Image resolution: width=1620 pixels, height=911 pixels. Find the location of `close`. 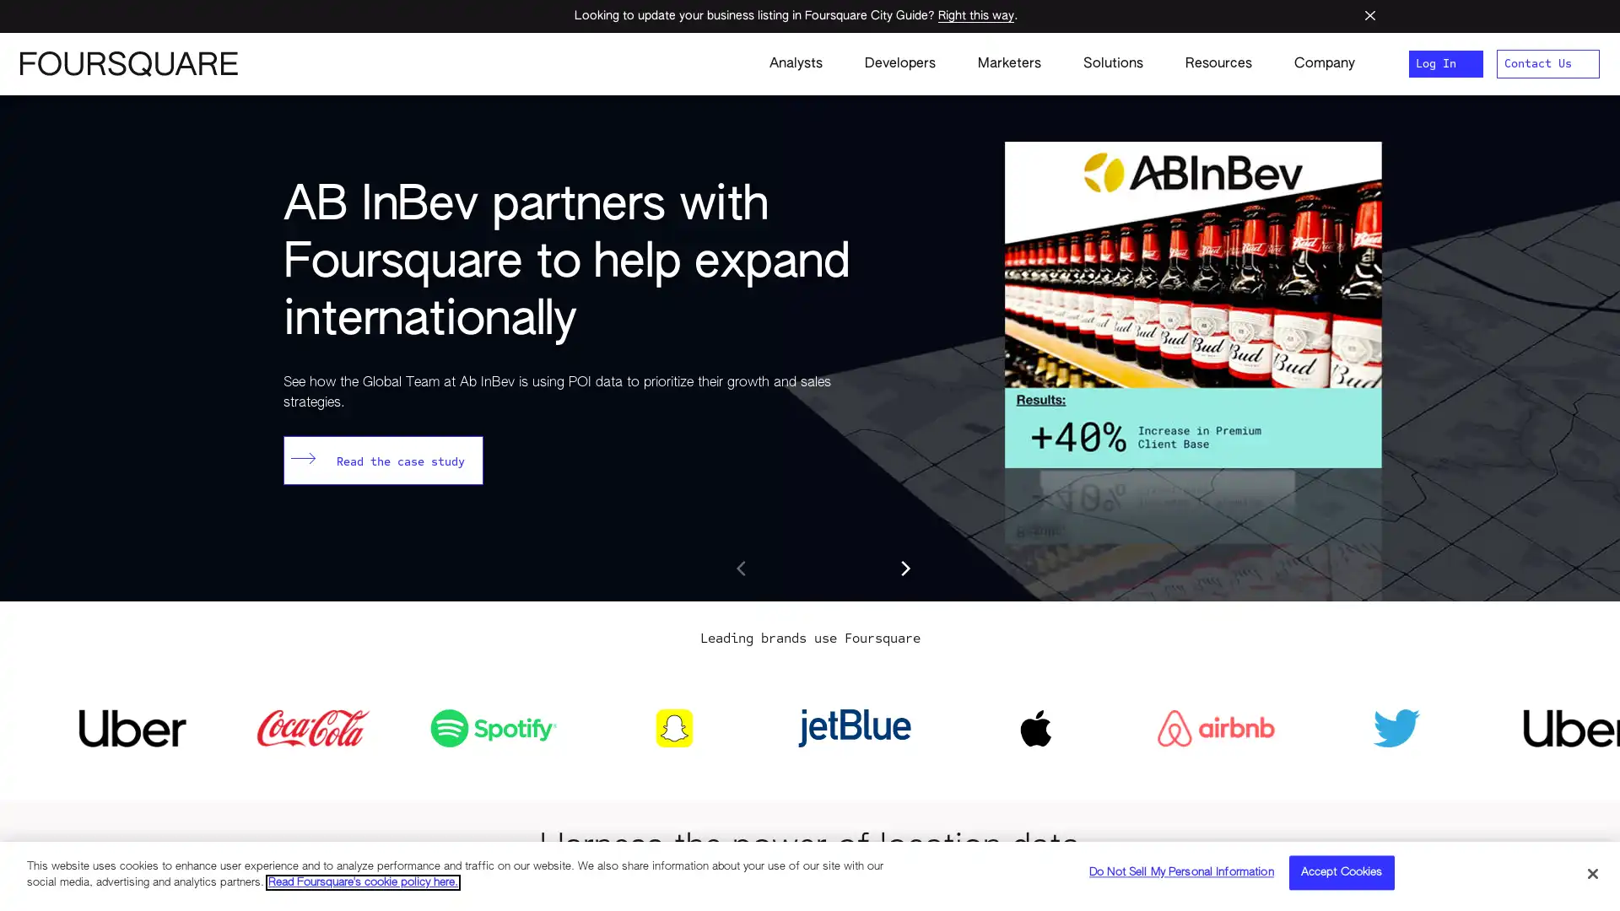

close is located at coordinates (1358, 16).